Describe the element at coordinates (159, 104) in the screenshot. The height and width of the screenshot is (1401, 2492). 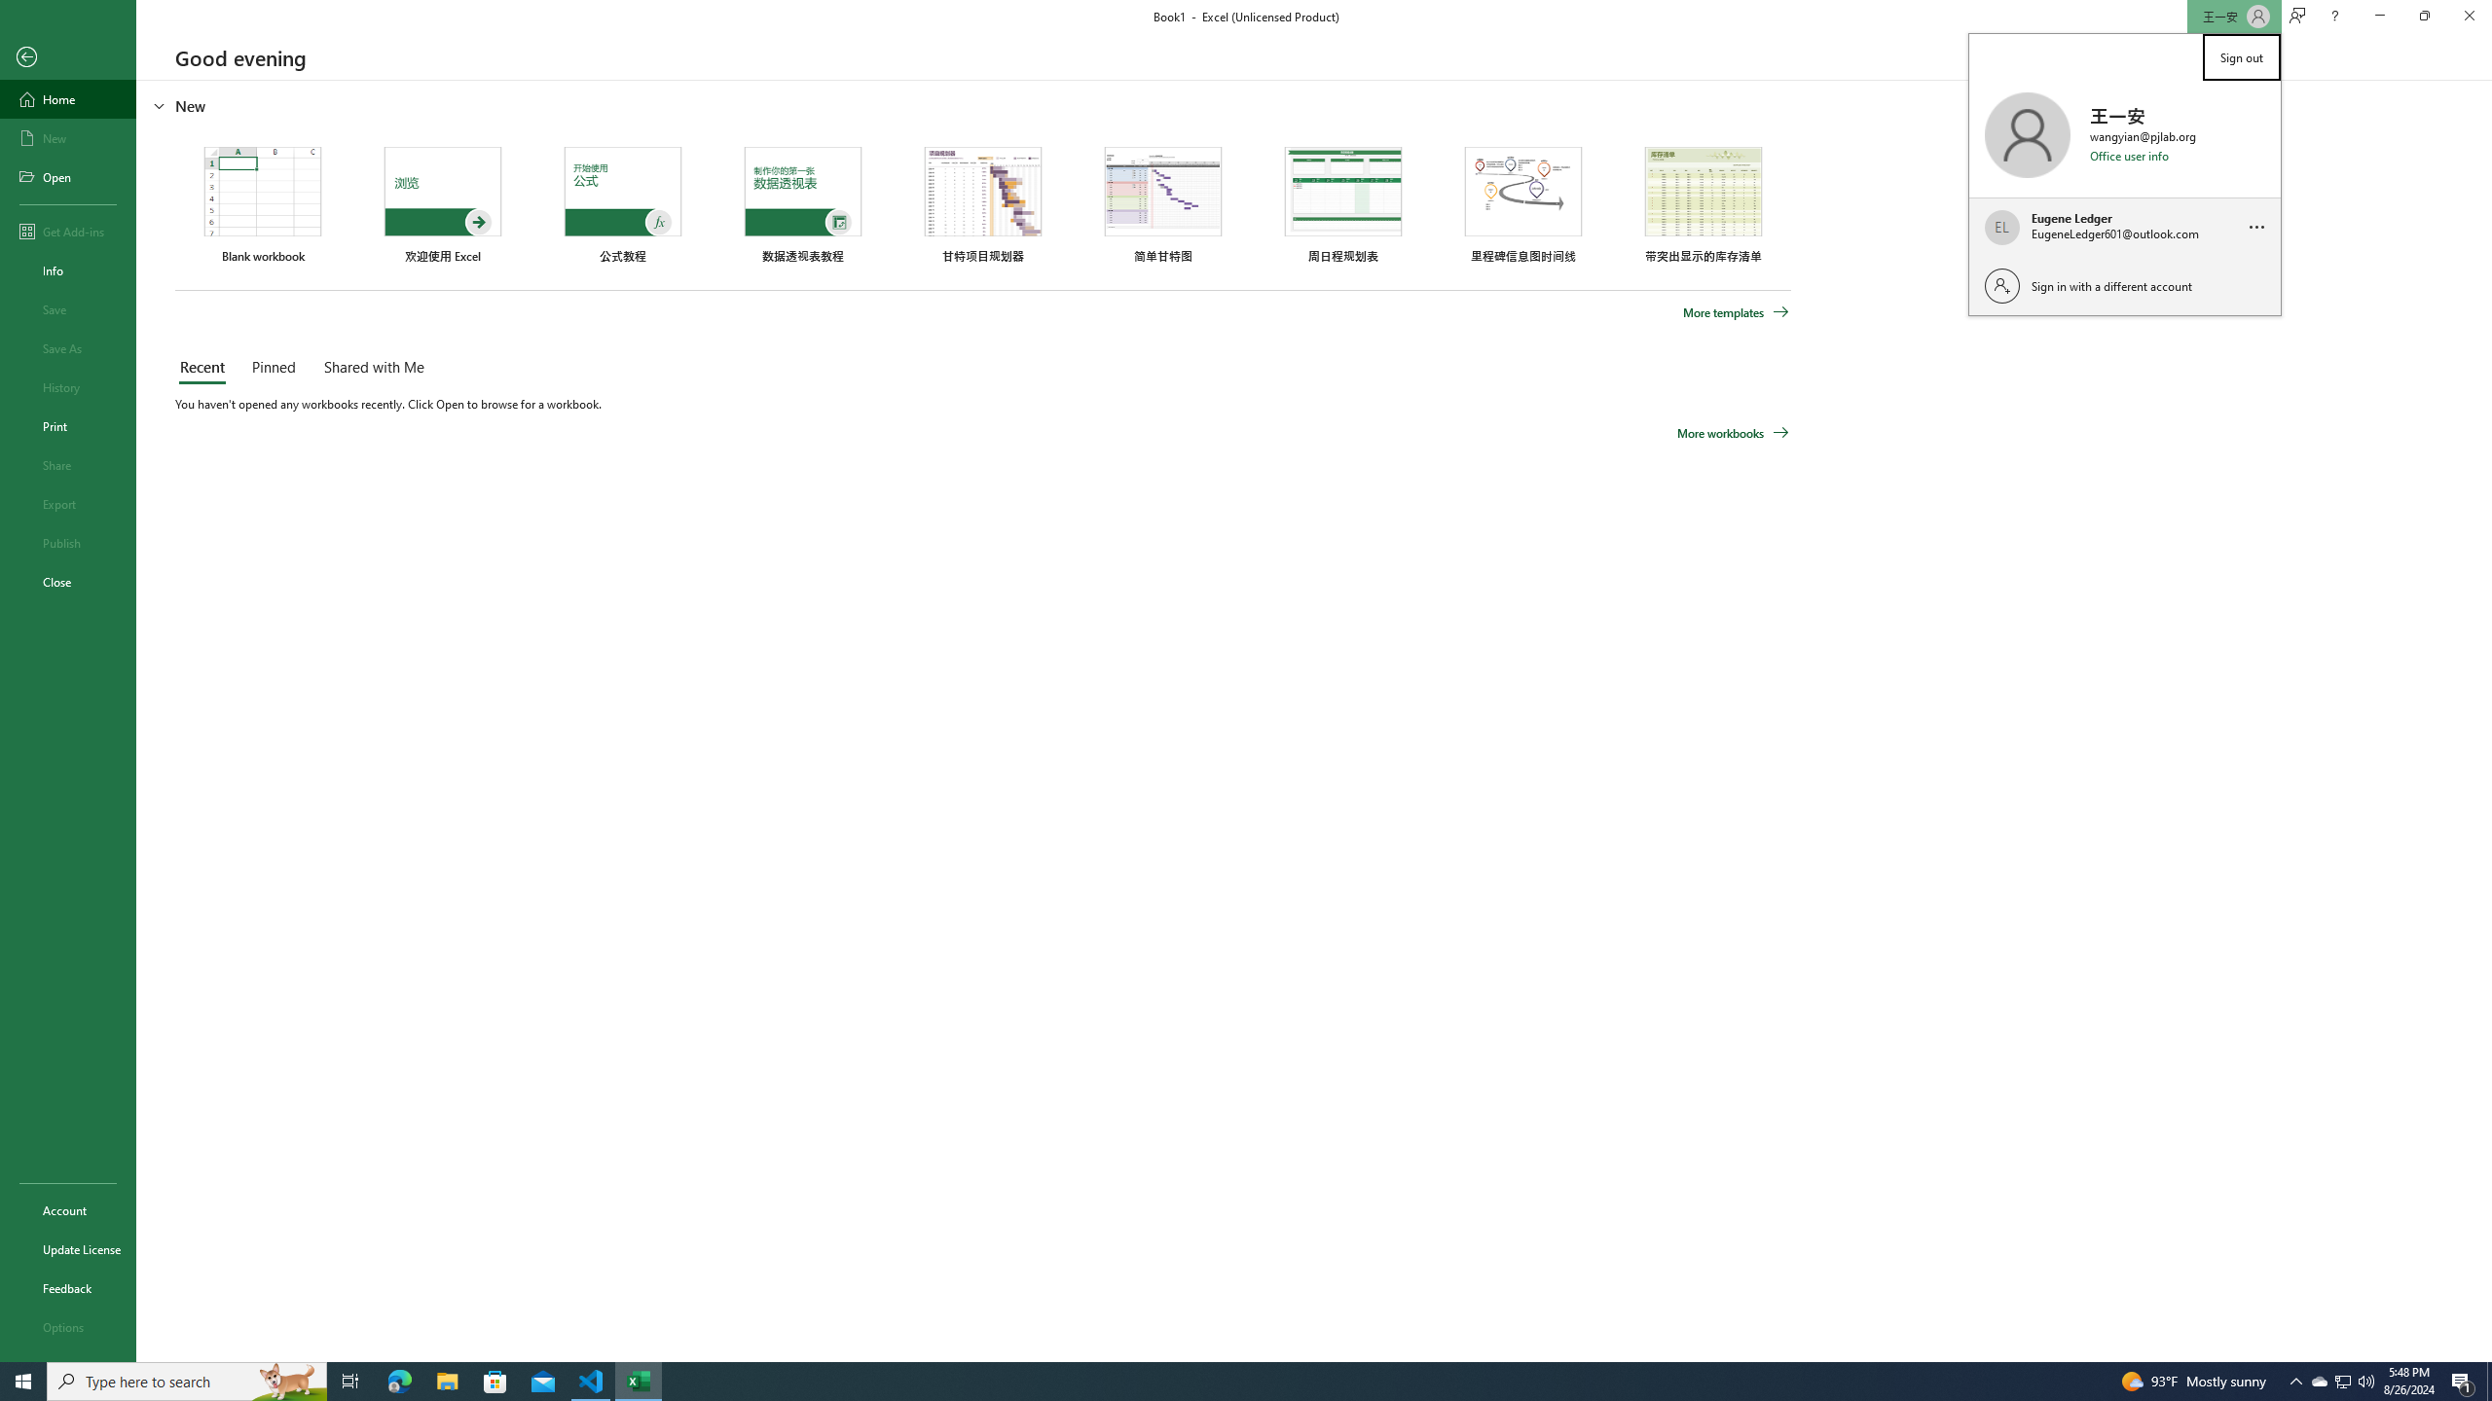
I see `'Hide or show region'` at that location.